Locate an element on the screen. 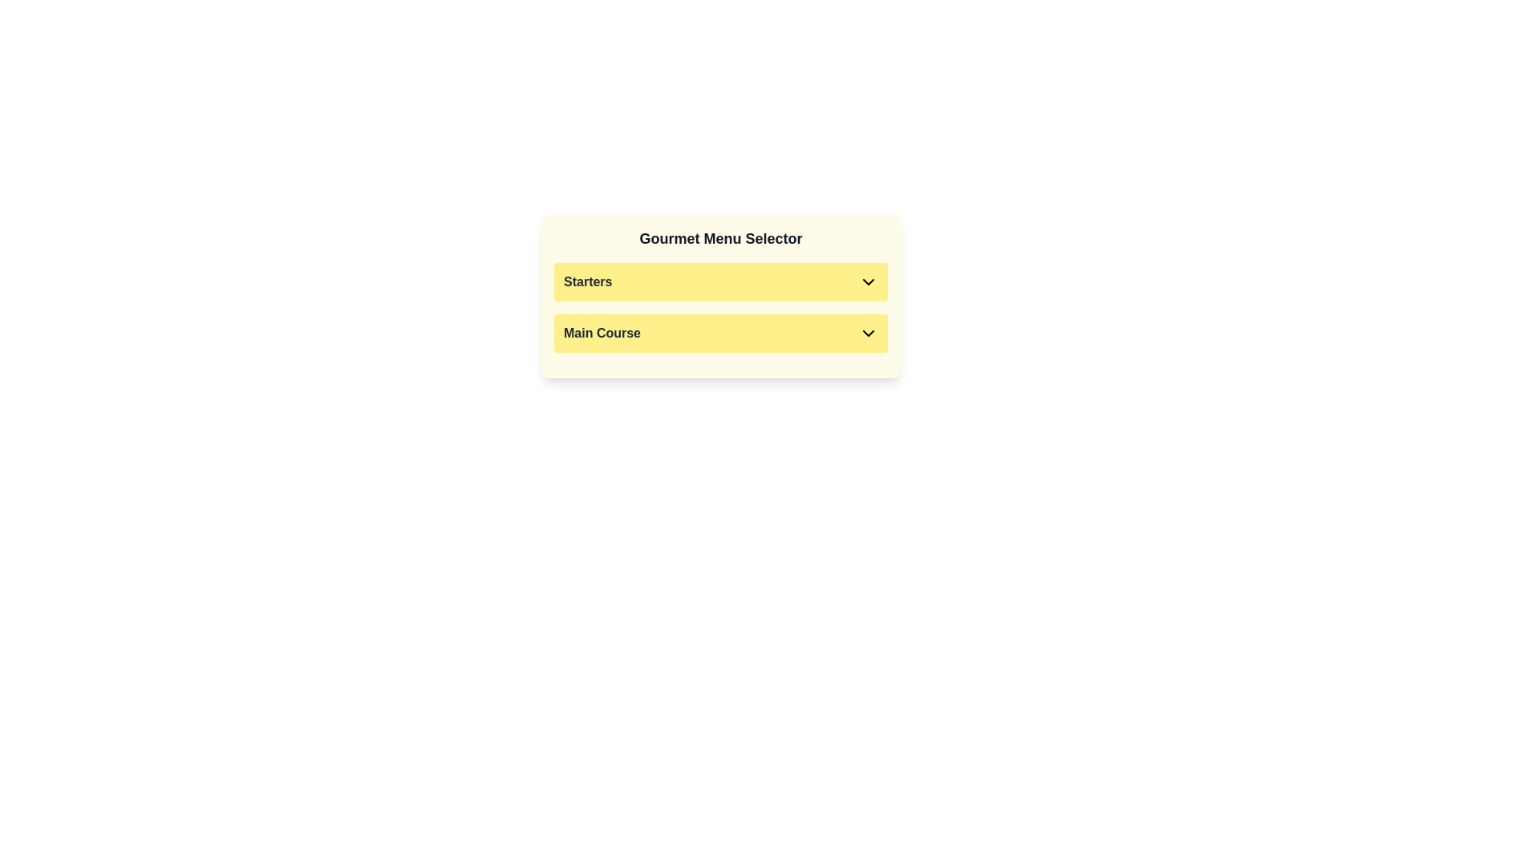  'Main Course' text label located inside a yellow rectangular box below the 'Starters' box, positioned towards the left side with a downward chevron icon to the right is located at coordinates (602, 333).